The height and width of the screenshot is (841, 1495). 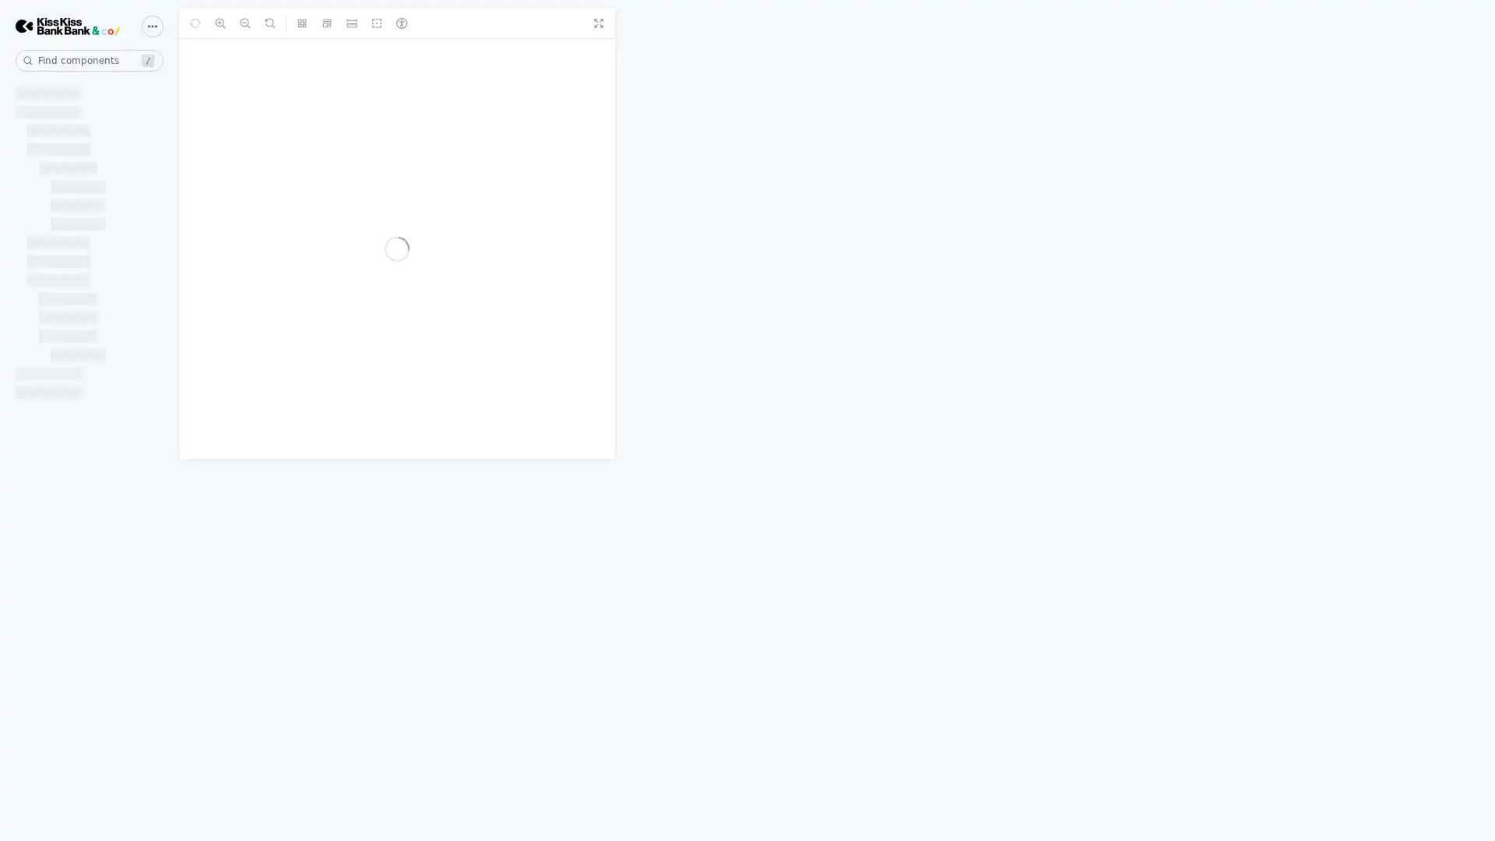 I want to click on Enable measure, so click(x=496, y=23).